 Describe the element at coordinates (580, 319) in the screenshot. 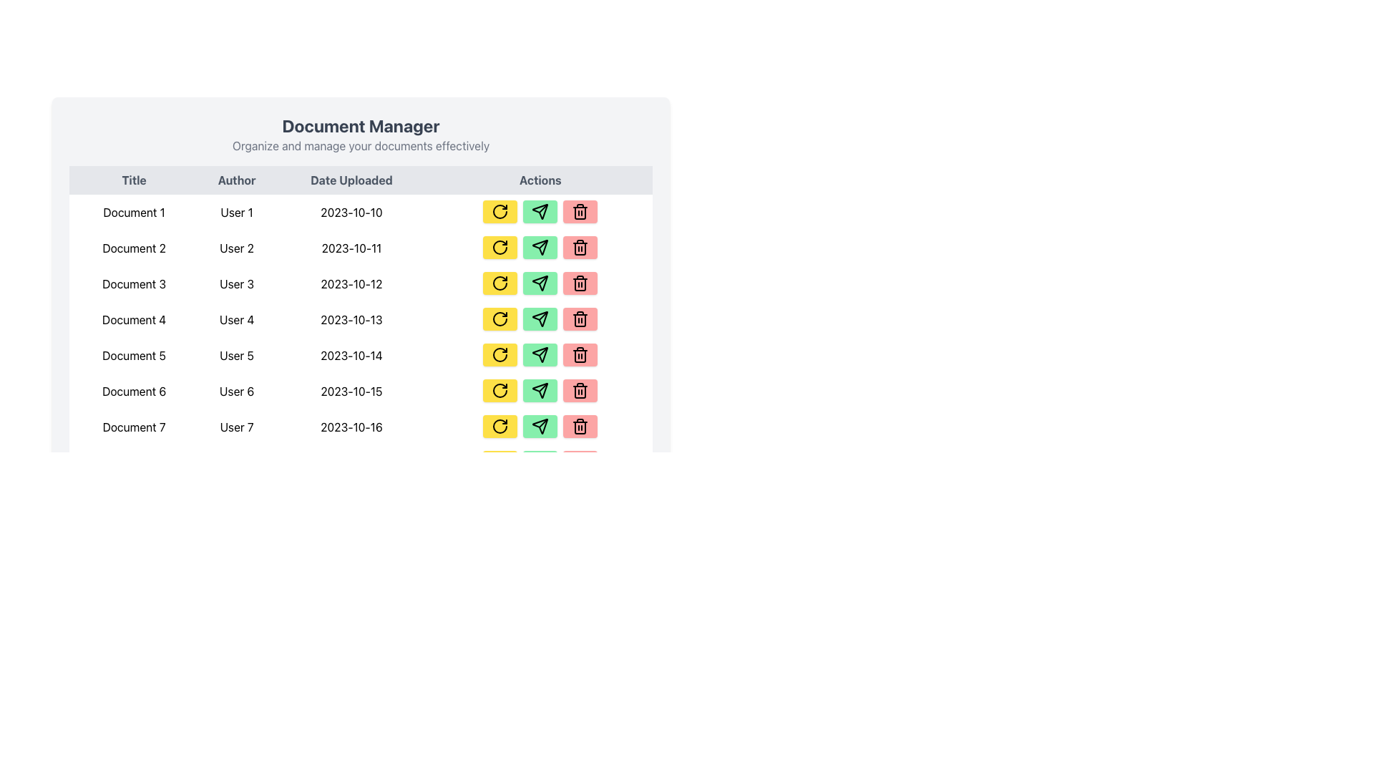

I see `the delete button in the 'Actions' column of the table corresponding to 'Document 4' to observe its hover effect` at that location.